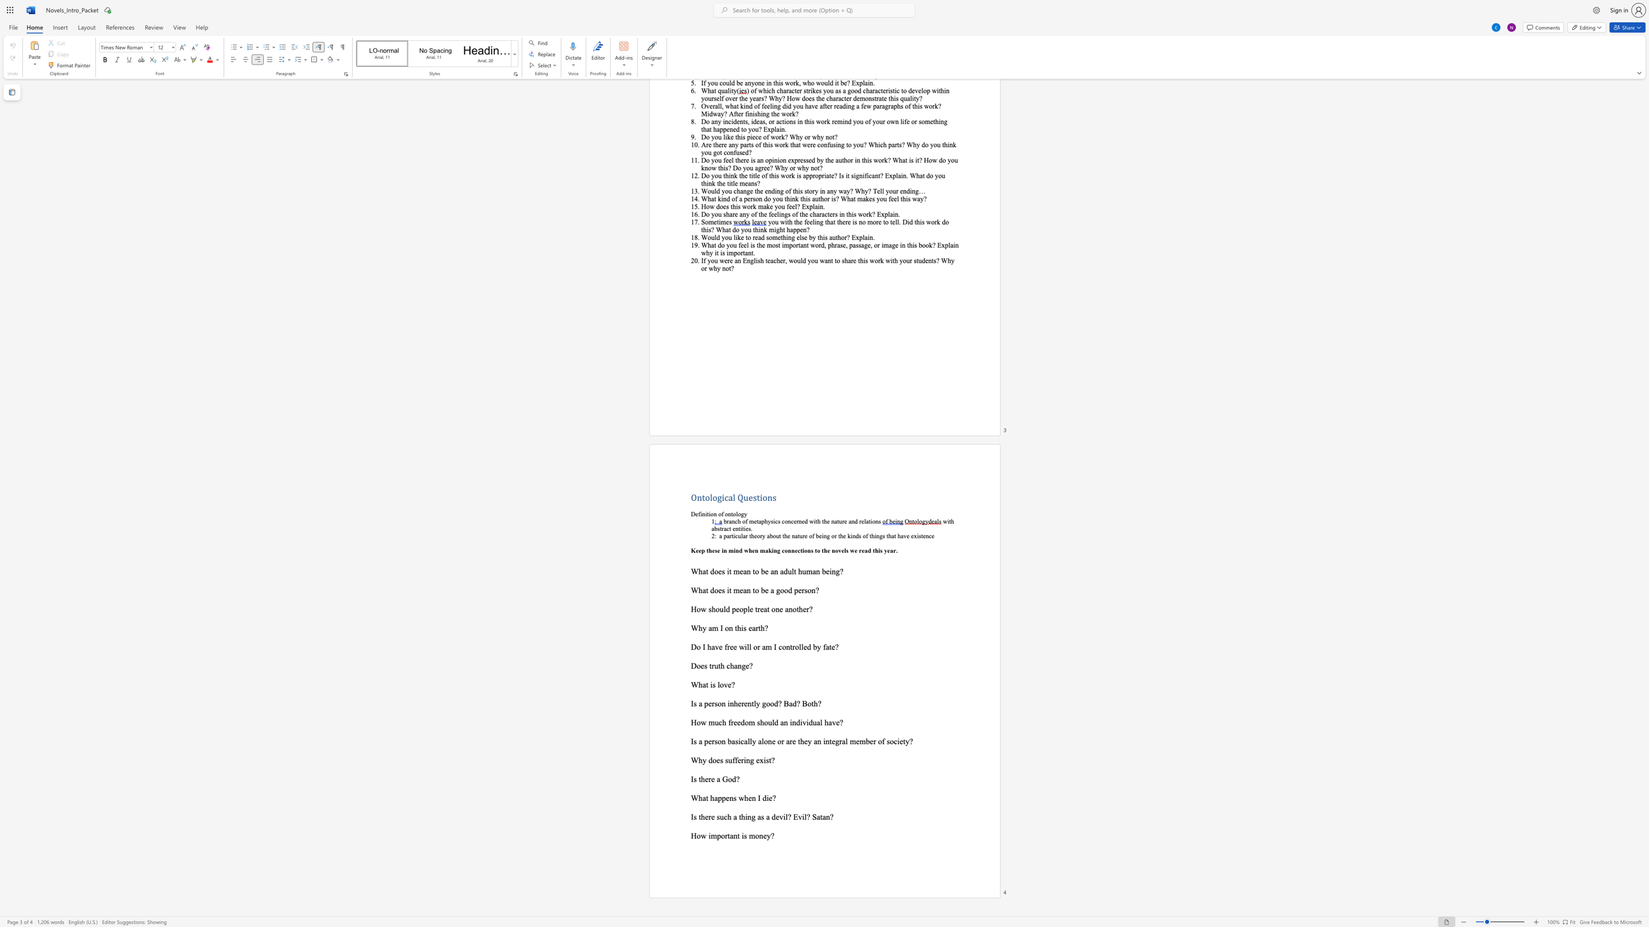  Describe the element at coordinates (691, 741) in the screenshot. I see `the subset text "Is a person" within the text "Is a person"` at that location.